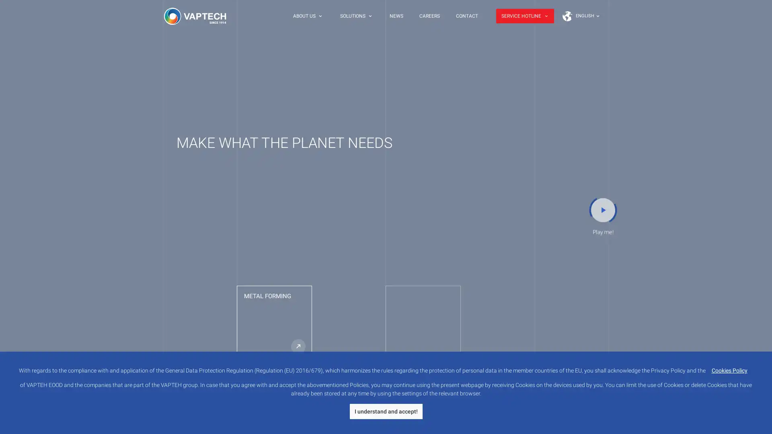  Describe the element at coordinates (525, 16) in the screenshot. I see `SERVICE HOTLINE keyboard_arrow_down` at that location.